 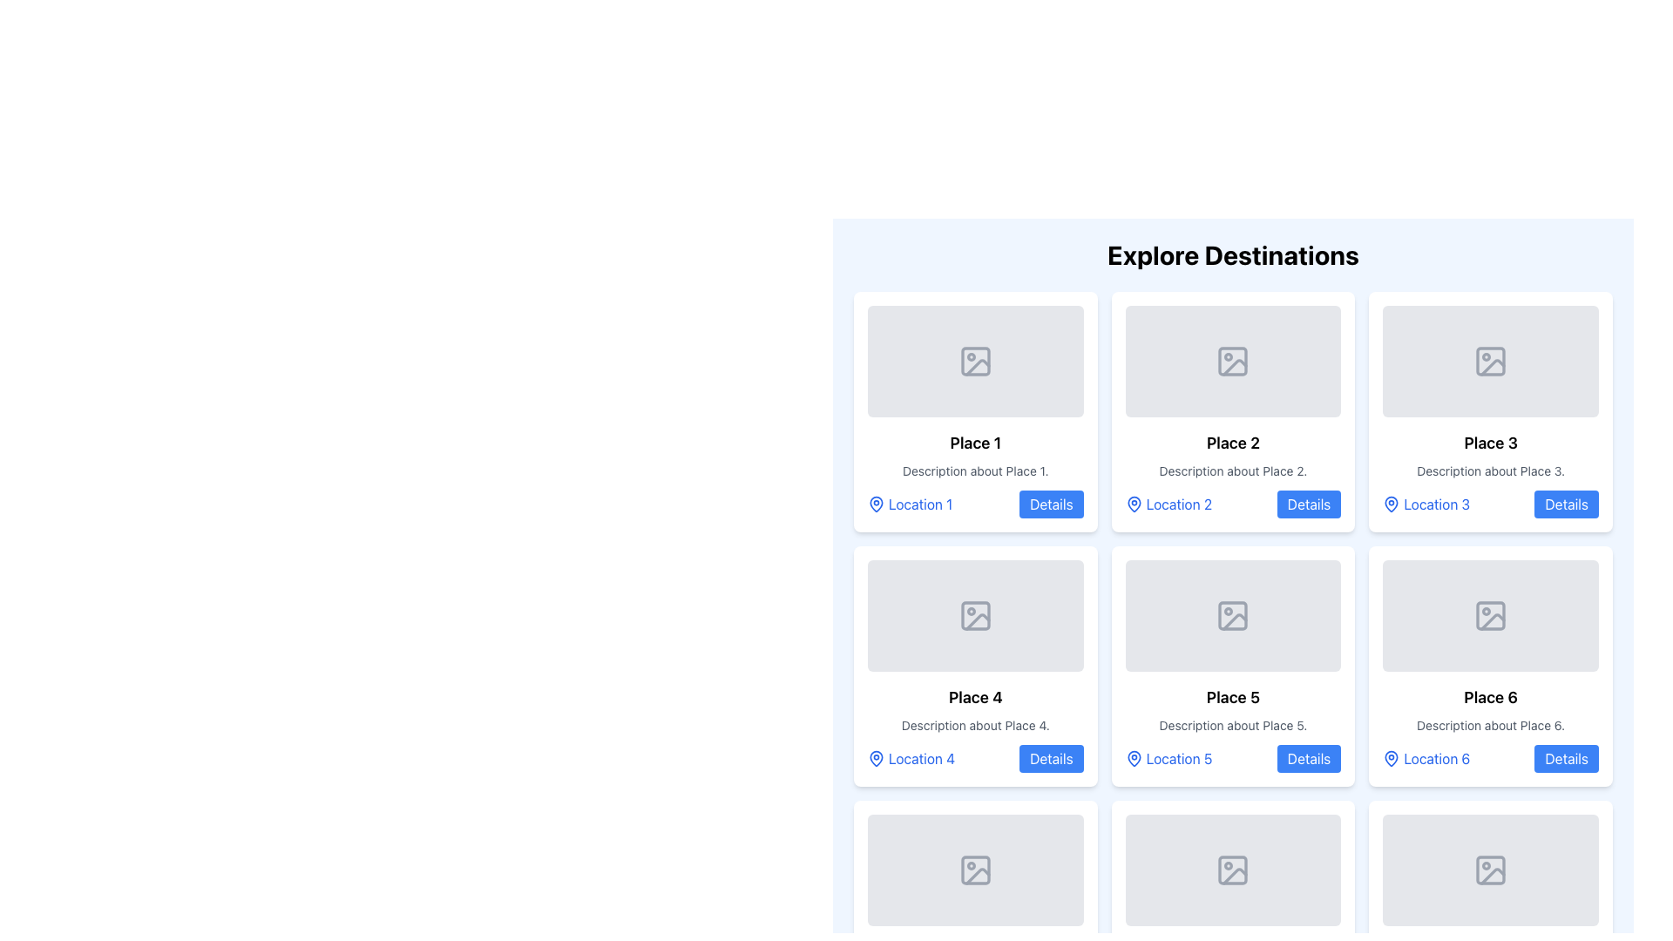 I want to click on the small light gray rectangular box with rounded corners located inside the image icon in the upper-right region of the placeholder for Place 3 in the Explore Destinations section, so click(x=1490, y=361).